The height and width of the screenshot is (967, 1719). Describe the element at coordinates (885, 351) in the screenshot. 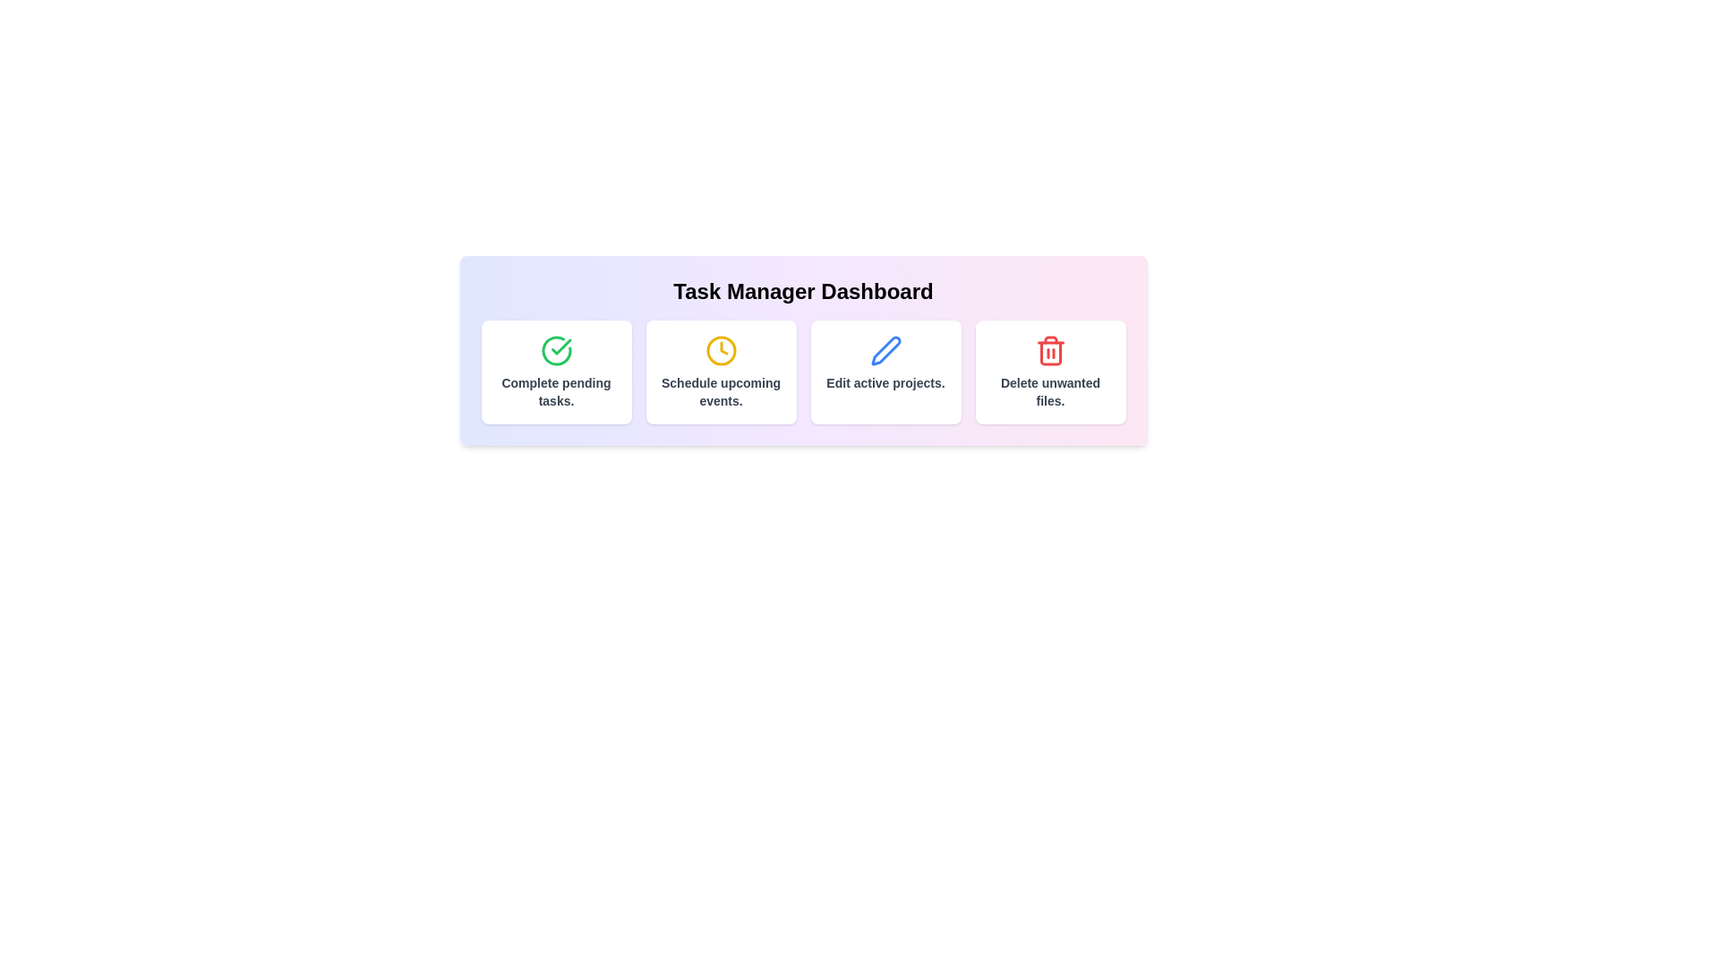

I see `the Decorative icon that visually represents the 'Edit active projects.' feature in the Task Manager Dashboard` at that location.